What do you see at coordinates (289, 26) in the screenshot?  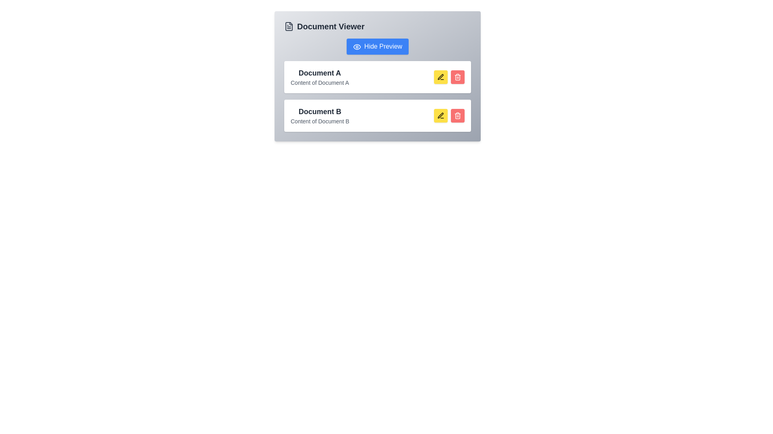 I see `the decorative document icon located in the 'Document Viewer' section, which precedes the title 'Document Viewer'` at bounding box center [289, 26].